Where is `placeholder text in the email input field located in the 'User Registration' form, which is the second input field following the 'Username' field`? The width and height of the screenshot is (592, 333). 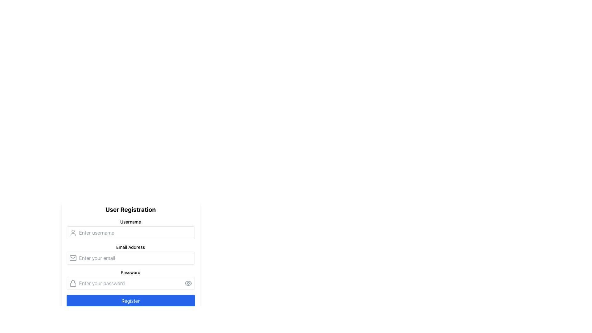
placeholder text in the email input field located in the 'User Registration' form, which is the second input field following the 'Username' field is located at coordinates (130, 254).